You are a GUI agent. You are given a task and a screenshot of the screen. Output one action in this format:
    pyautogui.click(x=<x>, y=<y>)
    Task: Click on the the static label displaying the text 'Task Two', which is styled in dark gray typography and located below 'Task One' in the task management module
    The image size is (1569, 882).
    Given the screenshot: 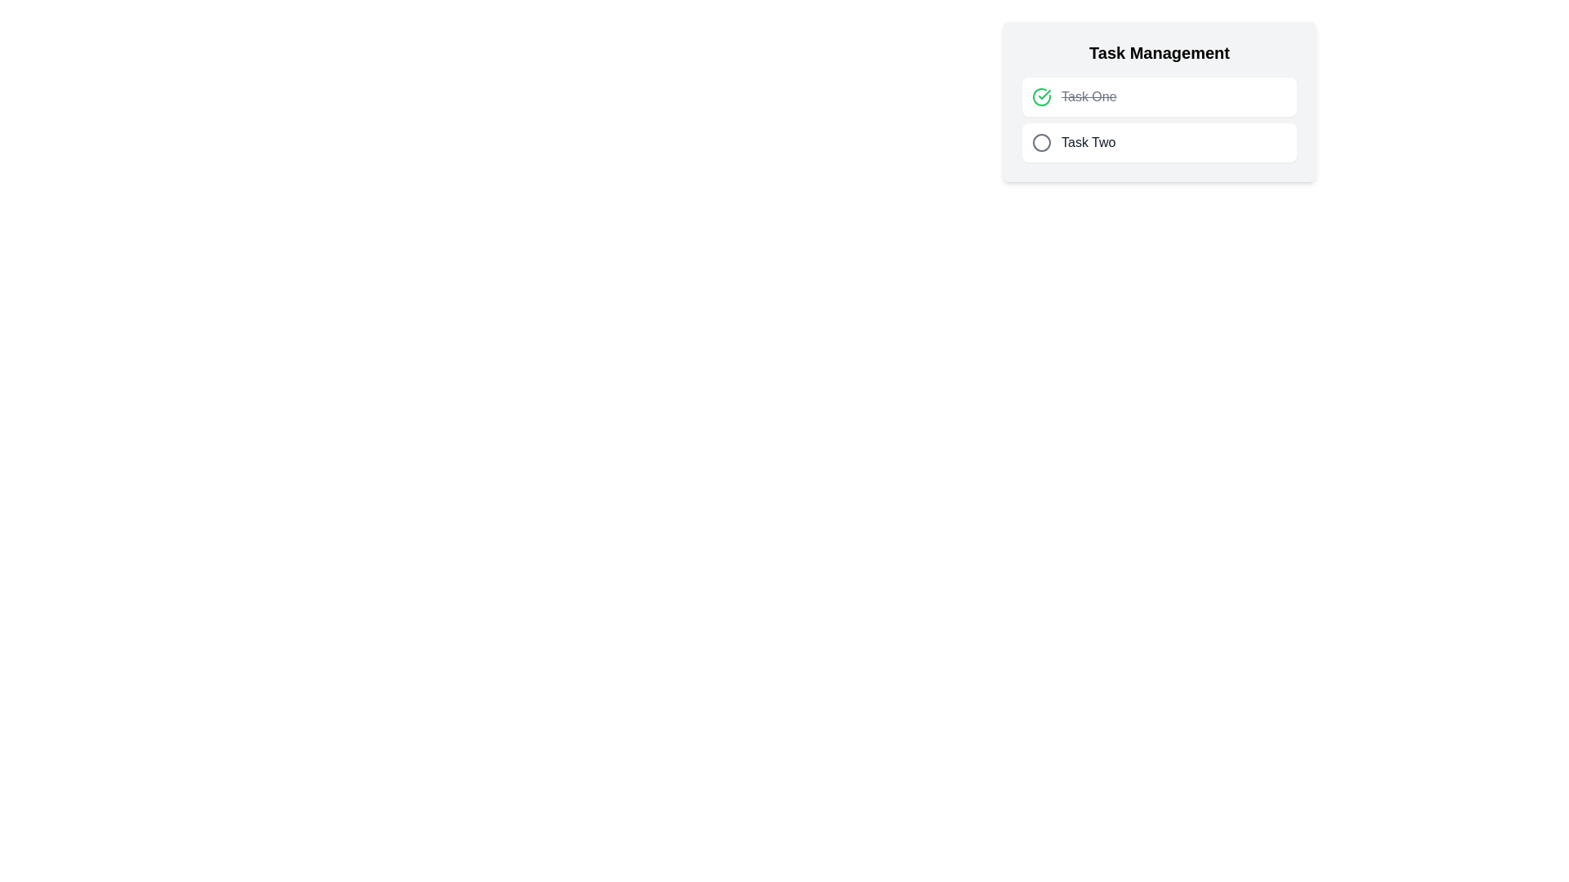 What is the action you would take?
    pyautogui.click(x=1088, y=141)
    